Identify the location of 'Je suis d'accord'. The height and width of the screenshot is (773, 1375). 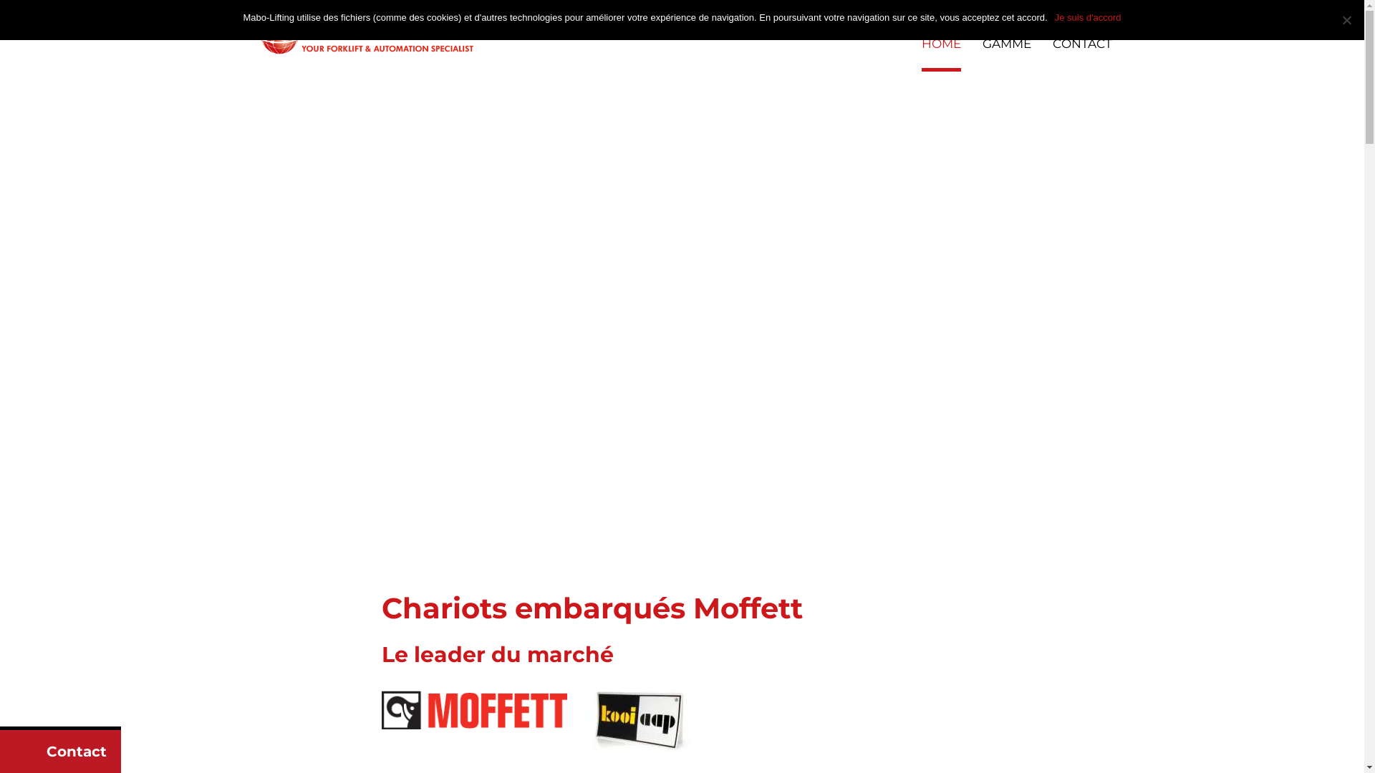
(1088, 17).